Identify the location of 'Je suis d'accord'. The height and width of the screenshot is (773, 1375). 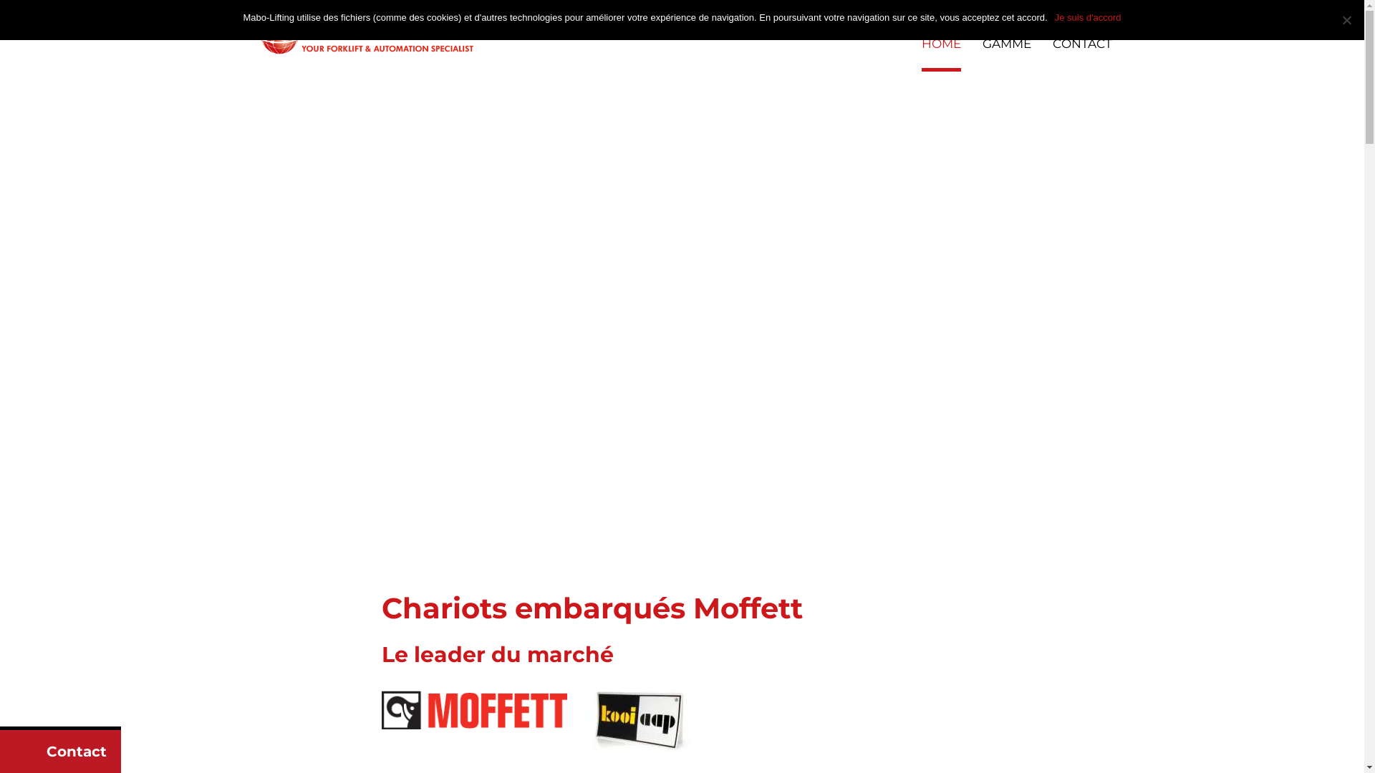
(1088, 17).